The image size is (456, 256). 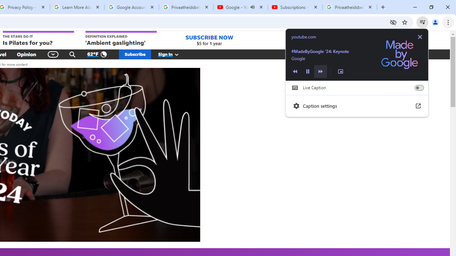 I want to click on 'Sign In', so click(x=172, y=54).